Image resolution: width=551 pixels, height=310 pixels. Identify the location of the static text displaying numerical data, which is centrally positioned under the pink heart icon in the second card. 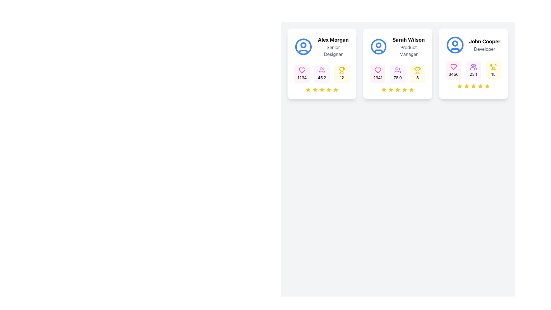
(378, 77).